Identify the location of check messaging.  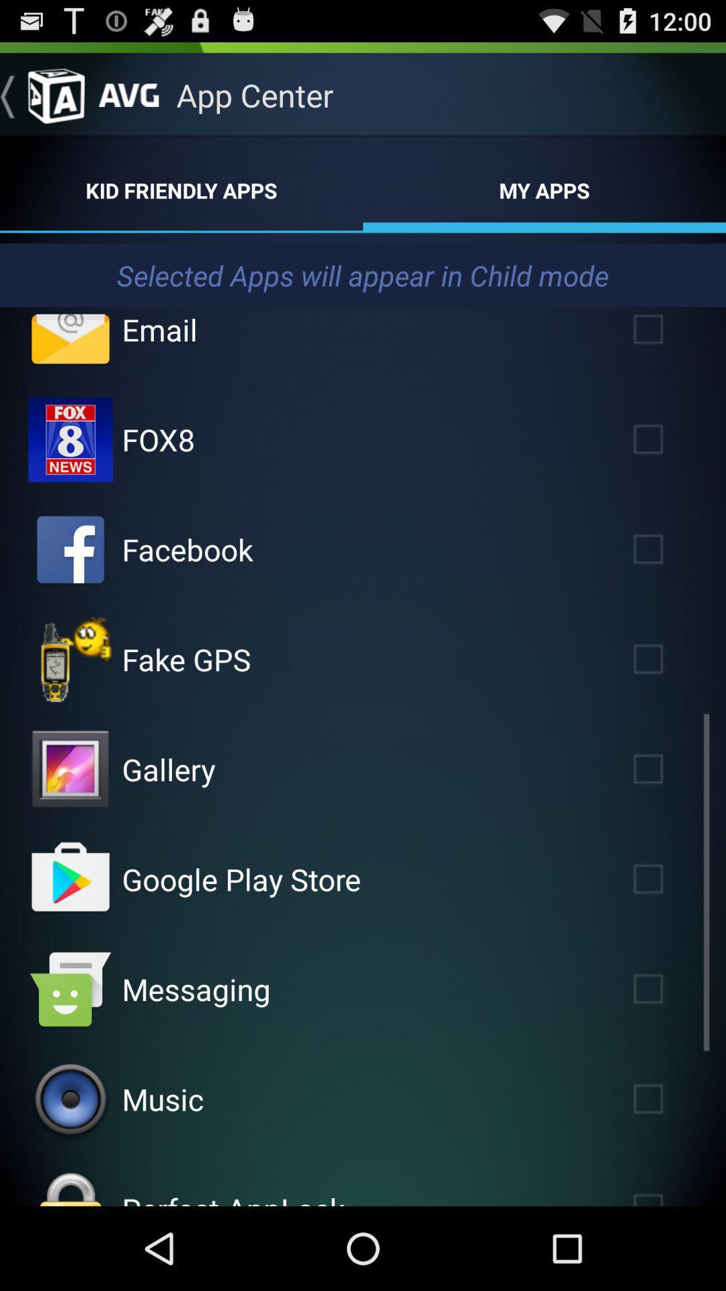
(668, 989).